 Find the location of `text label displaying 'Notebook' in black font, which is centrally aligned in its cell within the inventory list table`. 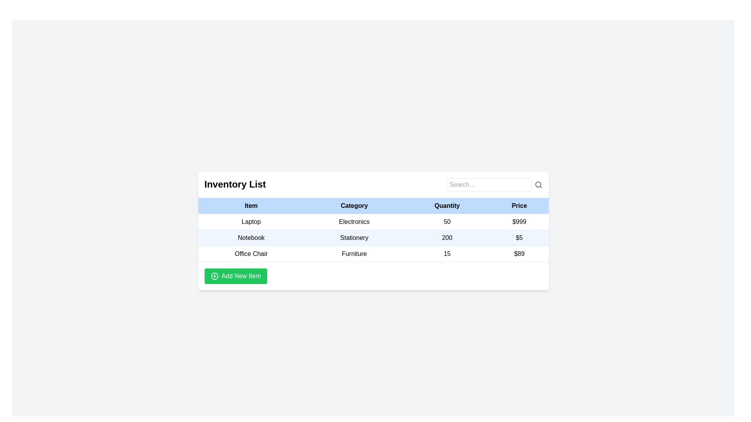

text label displaying 'Notebook' in black font, which is centrally aligned in its cell within the inventory list table is located at coordinates (251, 237).